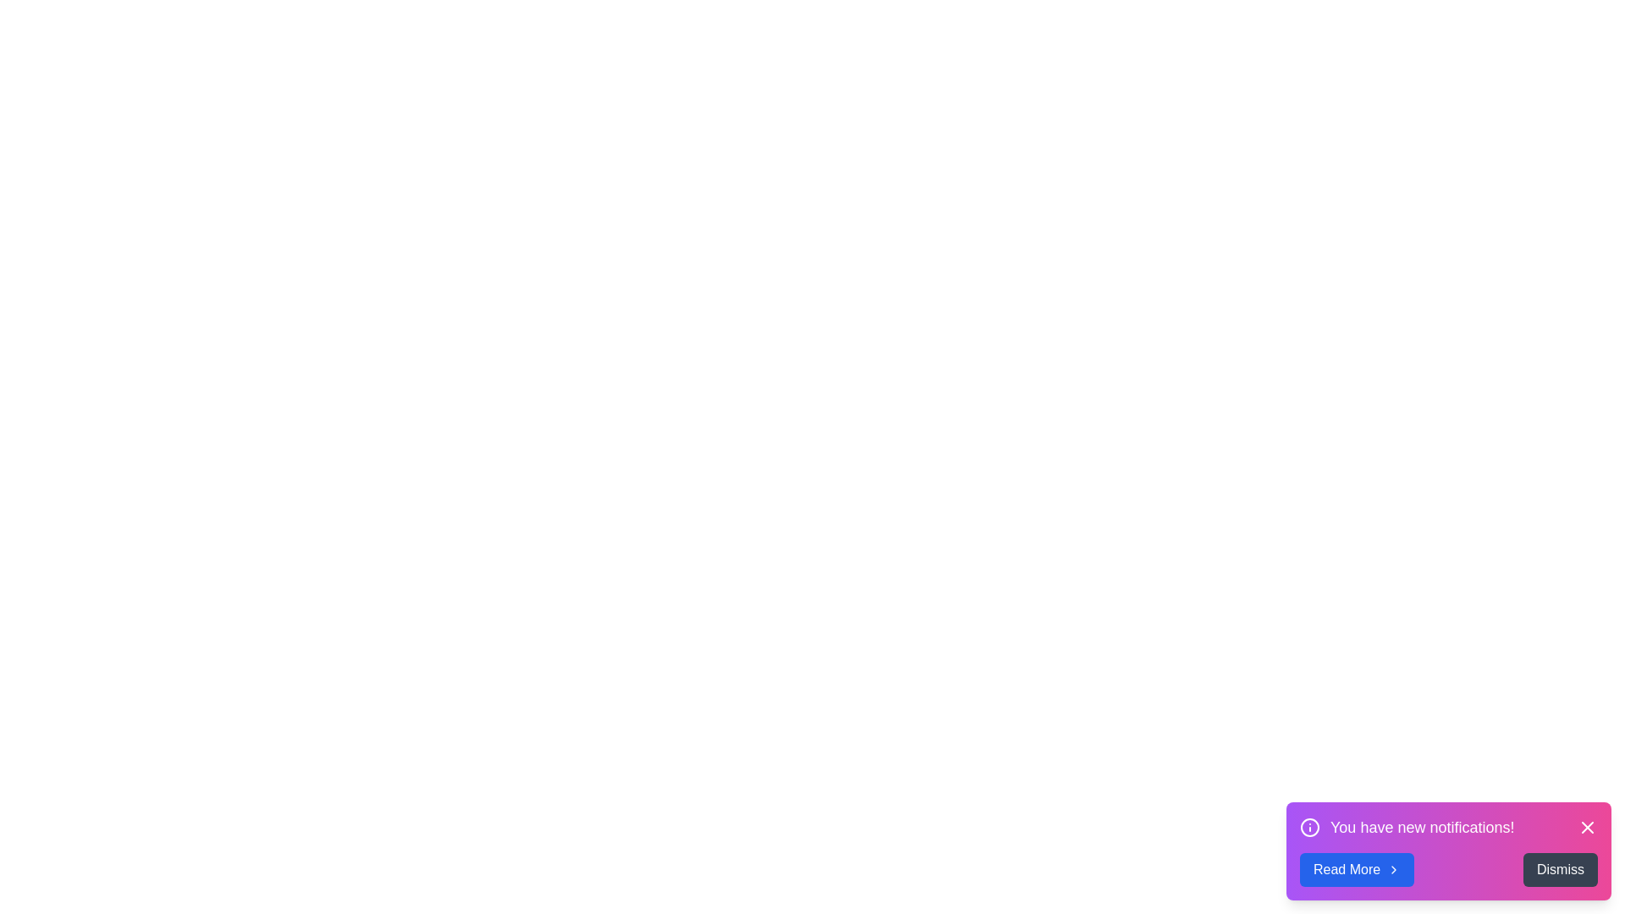 This screenshot has height=914, width=1625. I want to click on the informational icon located in the bottom-right corner of the notification card, positioned to the left of the text 'You have new notifications!', so click(1309, 827).